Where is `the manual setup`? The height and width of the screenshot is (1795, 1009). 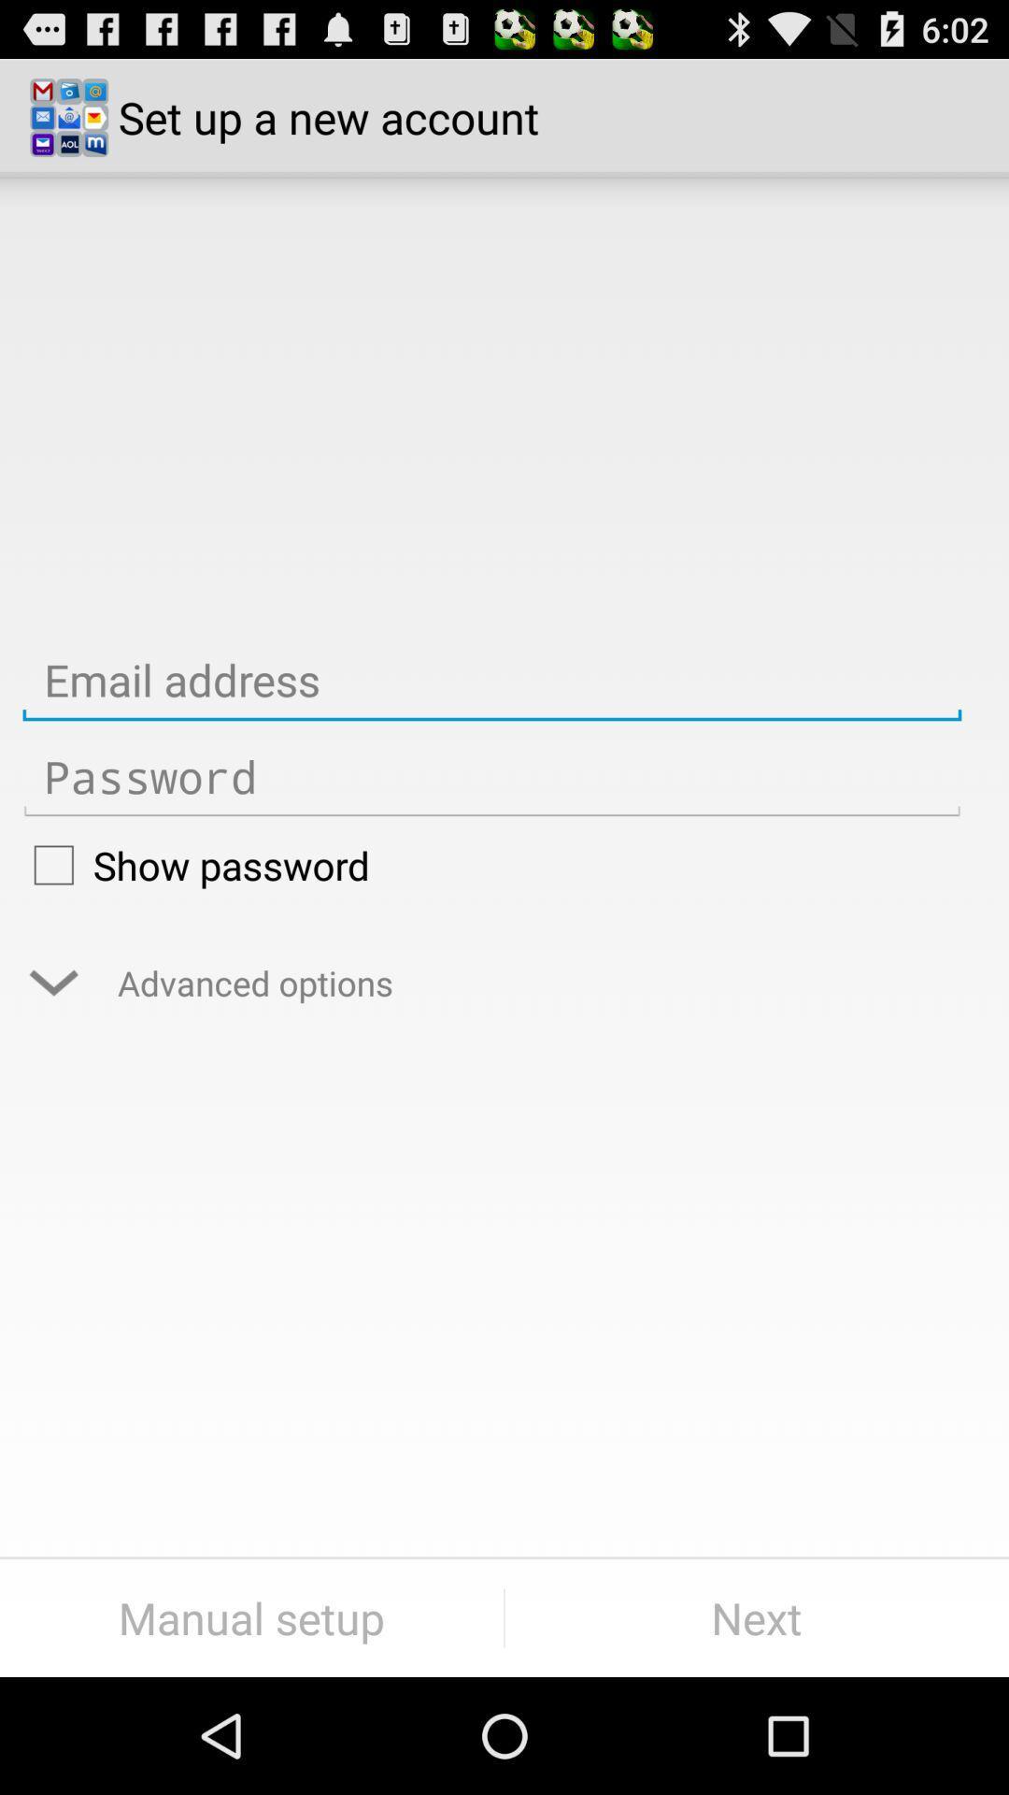
the manual setup is located at coordinates (250, 1617).